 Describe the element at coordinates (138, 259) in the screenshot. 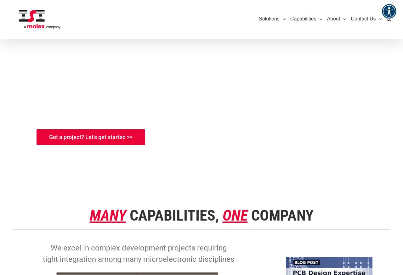

I see `'tight integration among many microelectronic disciplines'` at that location.